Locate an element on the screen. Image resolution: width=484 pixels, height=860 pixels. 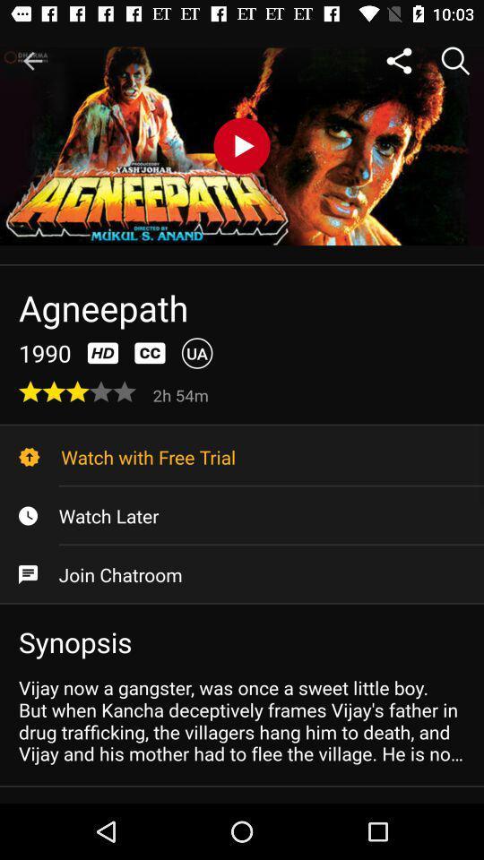
the item above the watch with free is located at coordinates (182, 394).